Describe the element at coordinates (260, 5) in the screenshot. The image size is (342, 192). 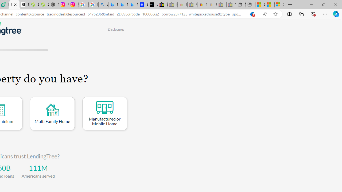
I see `'Shanghai, China hourly forecast | Microsoft Weather'` at that location.